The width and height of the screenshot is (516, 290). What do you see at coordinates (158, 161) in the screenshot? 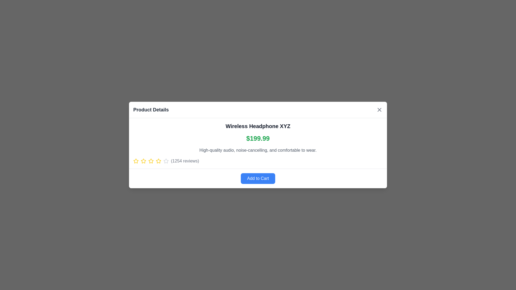
I see `the third star icon in the rating stars group beneath the 'Wireless Headphone XYZ' headline` at bounding box center [158, 161].